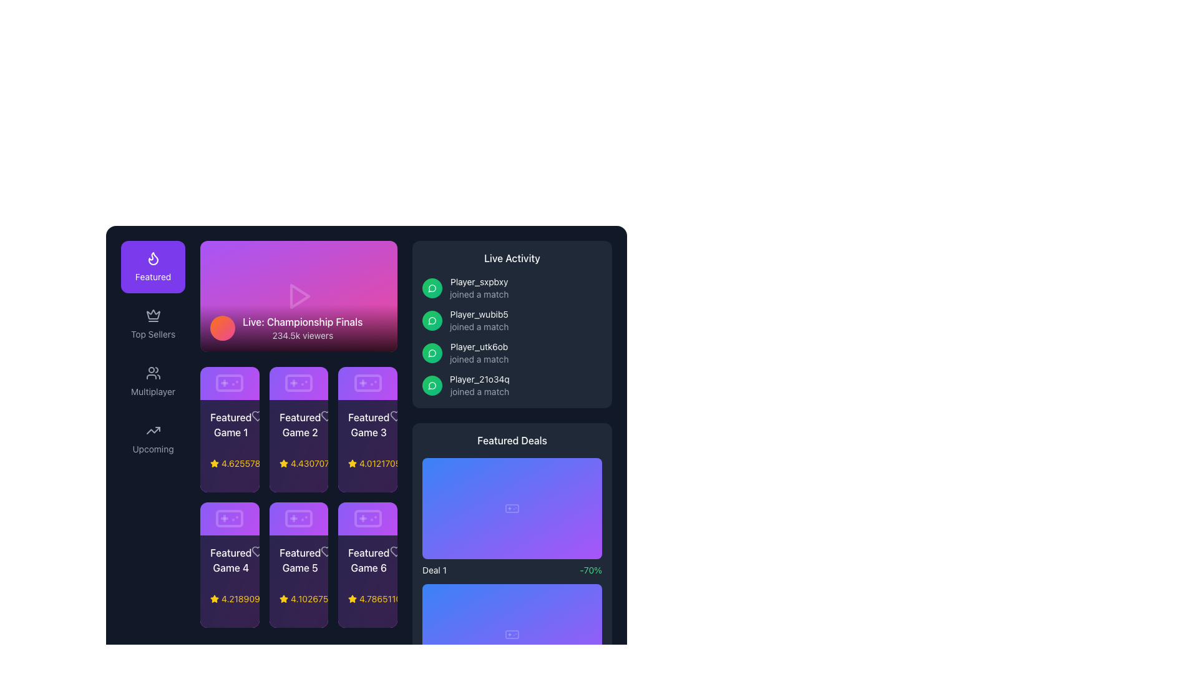  Describe the element at coordinates (512, 288) in the screenshot. I see `the player name 'Player_sxpbxy' in the notification-like message stating 'Player_sxpbxy joined a match'` at that location.